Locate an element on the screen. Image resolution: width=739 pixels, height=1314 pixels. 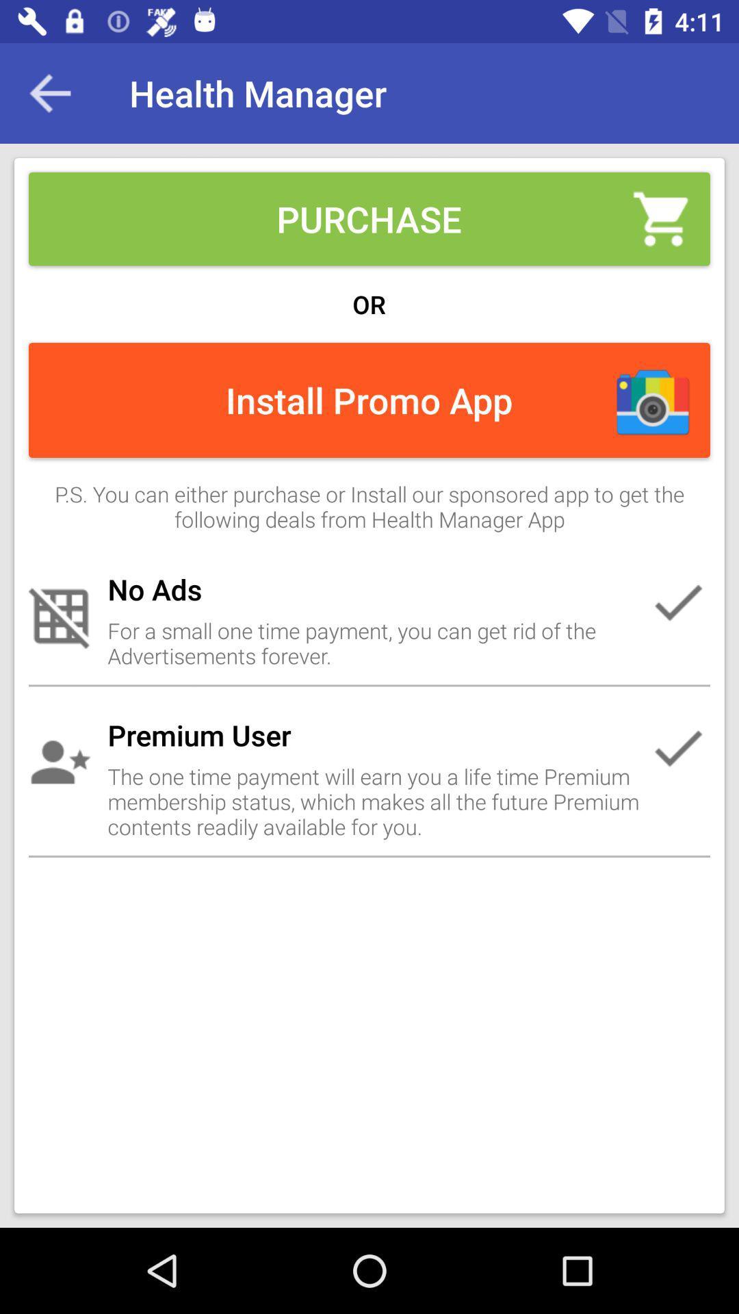
app next to health manager is located at coordinates (49, 92).